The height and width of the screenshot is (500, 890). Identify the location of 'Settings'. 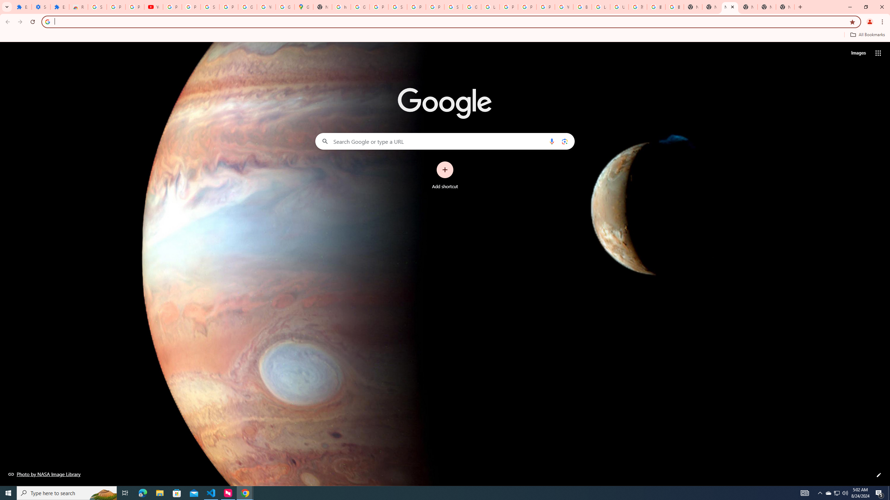
(41, 7).